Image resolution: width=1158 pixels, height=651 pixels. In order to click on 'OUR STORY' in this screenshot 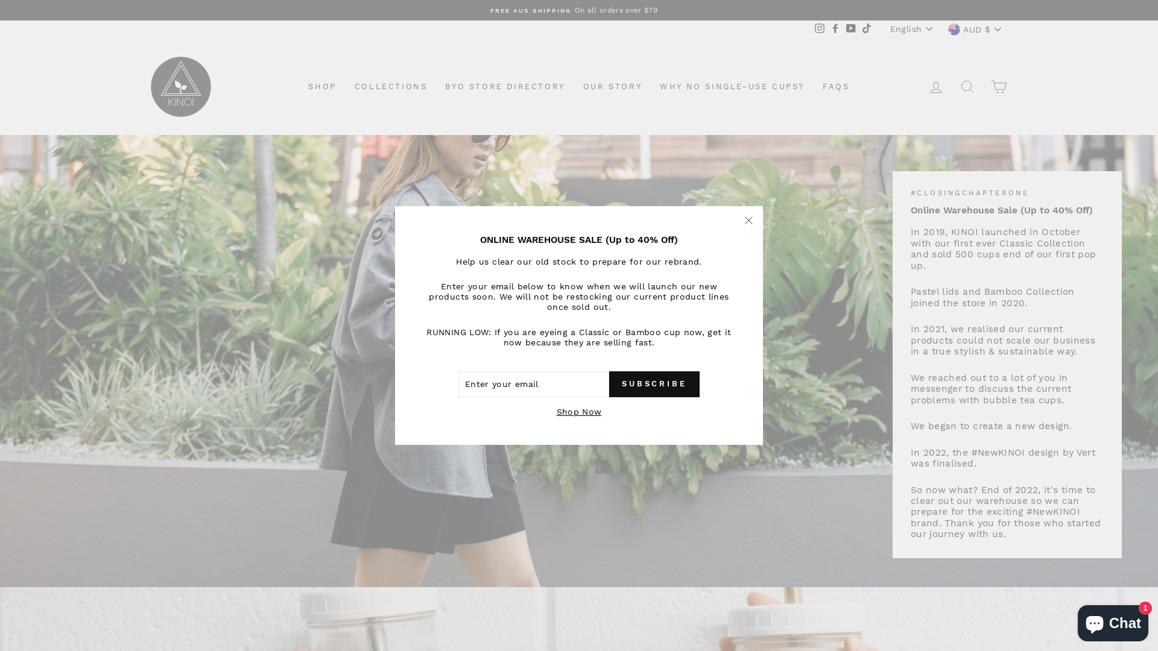, I will do `click(573, 86)`.